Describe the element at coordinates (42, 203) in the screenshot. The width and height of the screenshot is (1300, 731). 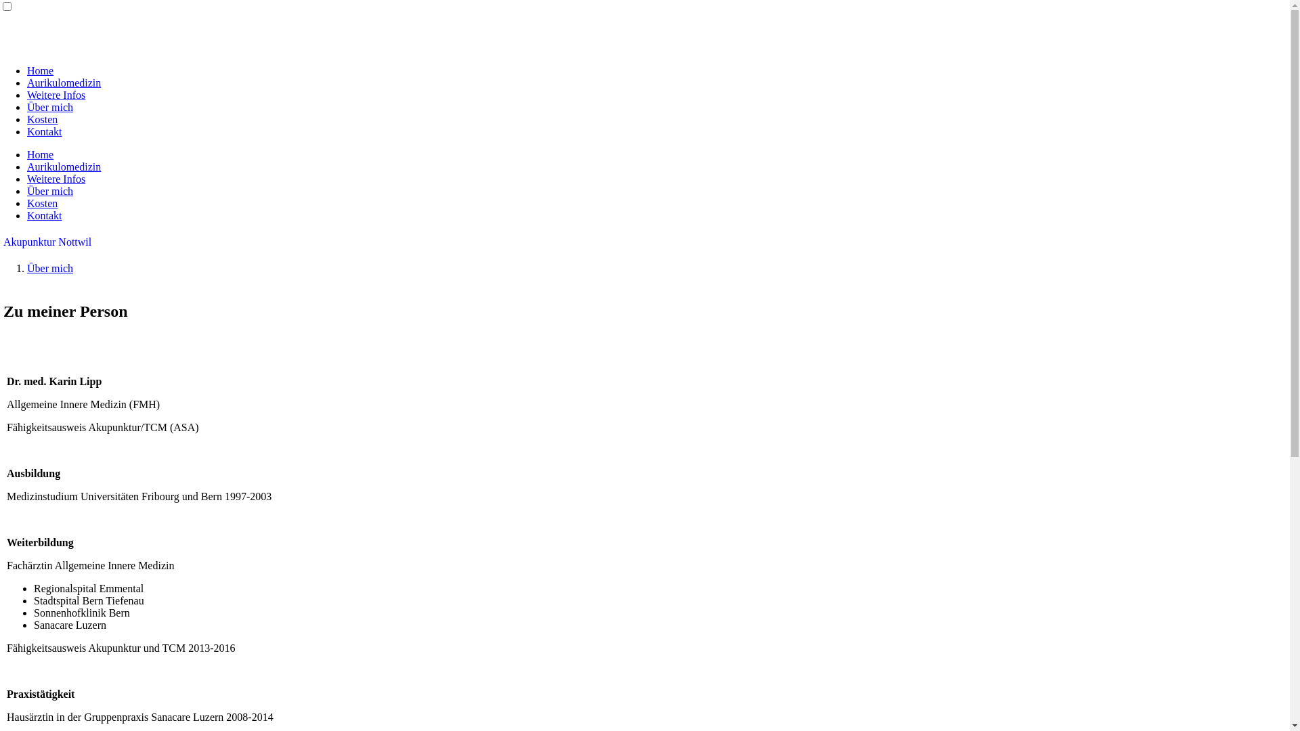
I see `'Kosten'` at that location.